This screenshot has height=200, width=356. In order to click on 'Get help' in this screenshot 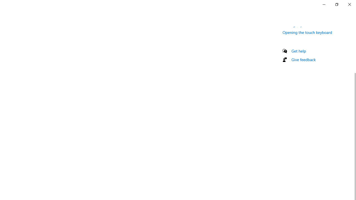, I will do `click(298, 51)`.